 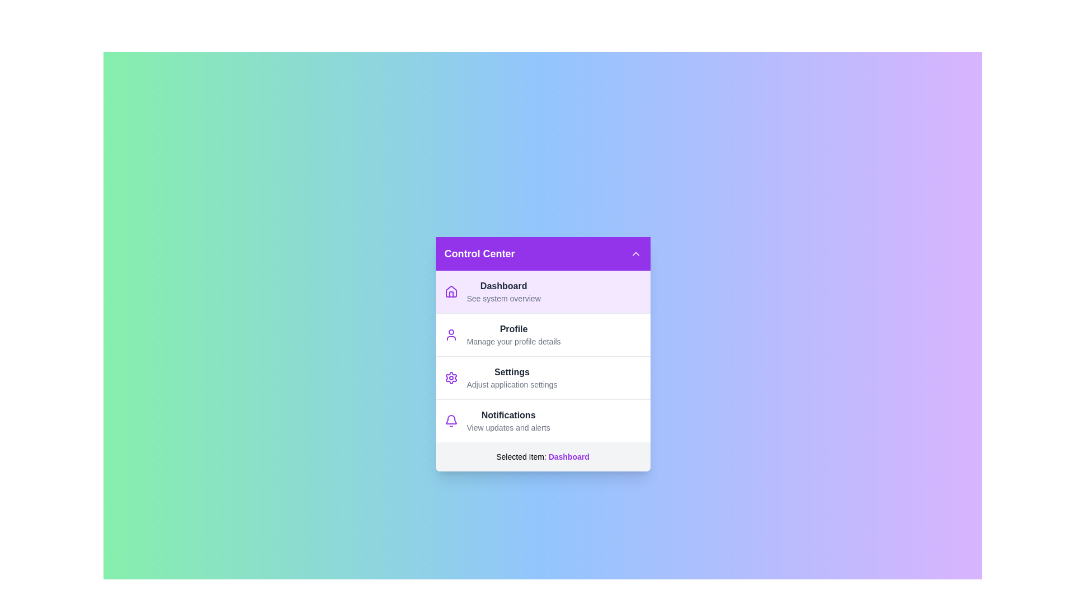 I want to click on the menu item Notifications from the list, so click(x=543, y=421).